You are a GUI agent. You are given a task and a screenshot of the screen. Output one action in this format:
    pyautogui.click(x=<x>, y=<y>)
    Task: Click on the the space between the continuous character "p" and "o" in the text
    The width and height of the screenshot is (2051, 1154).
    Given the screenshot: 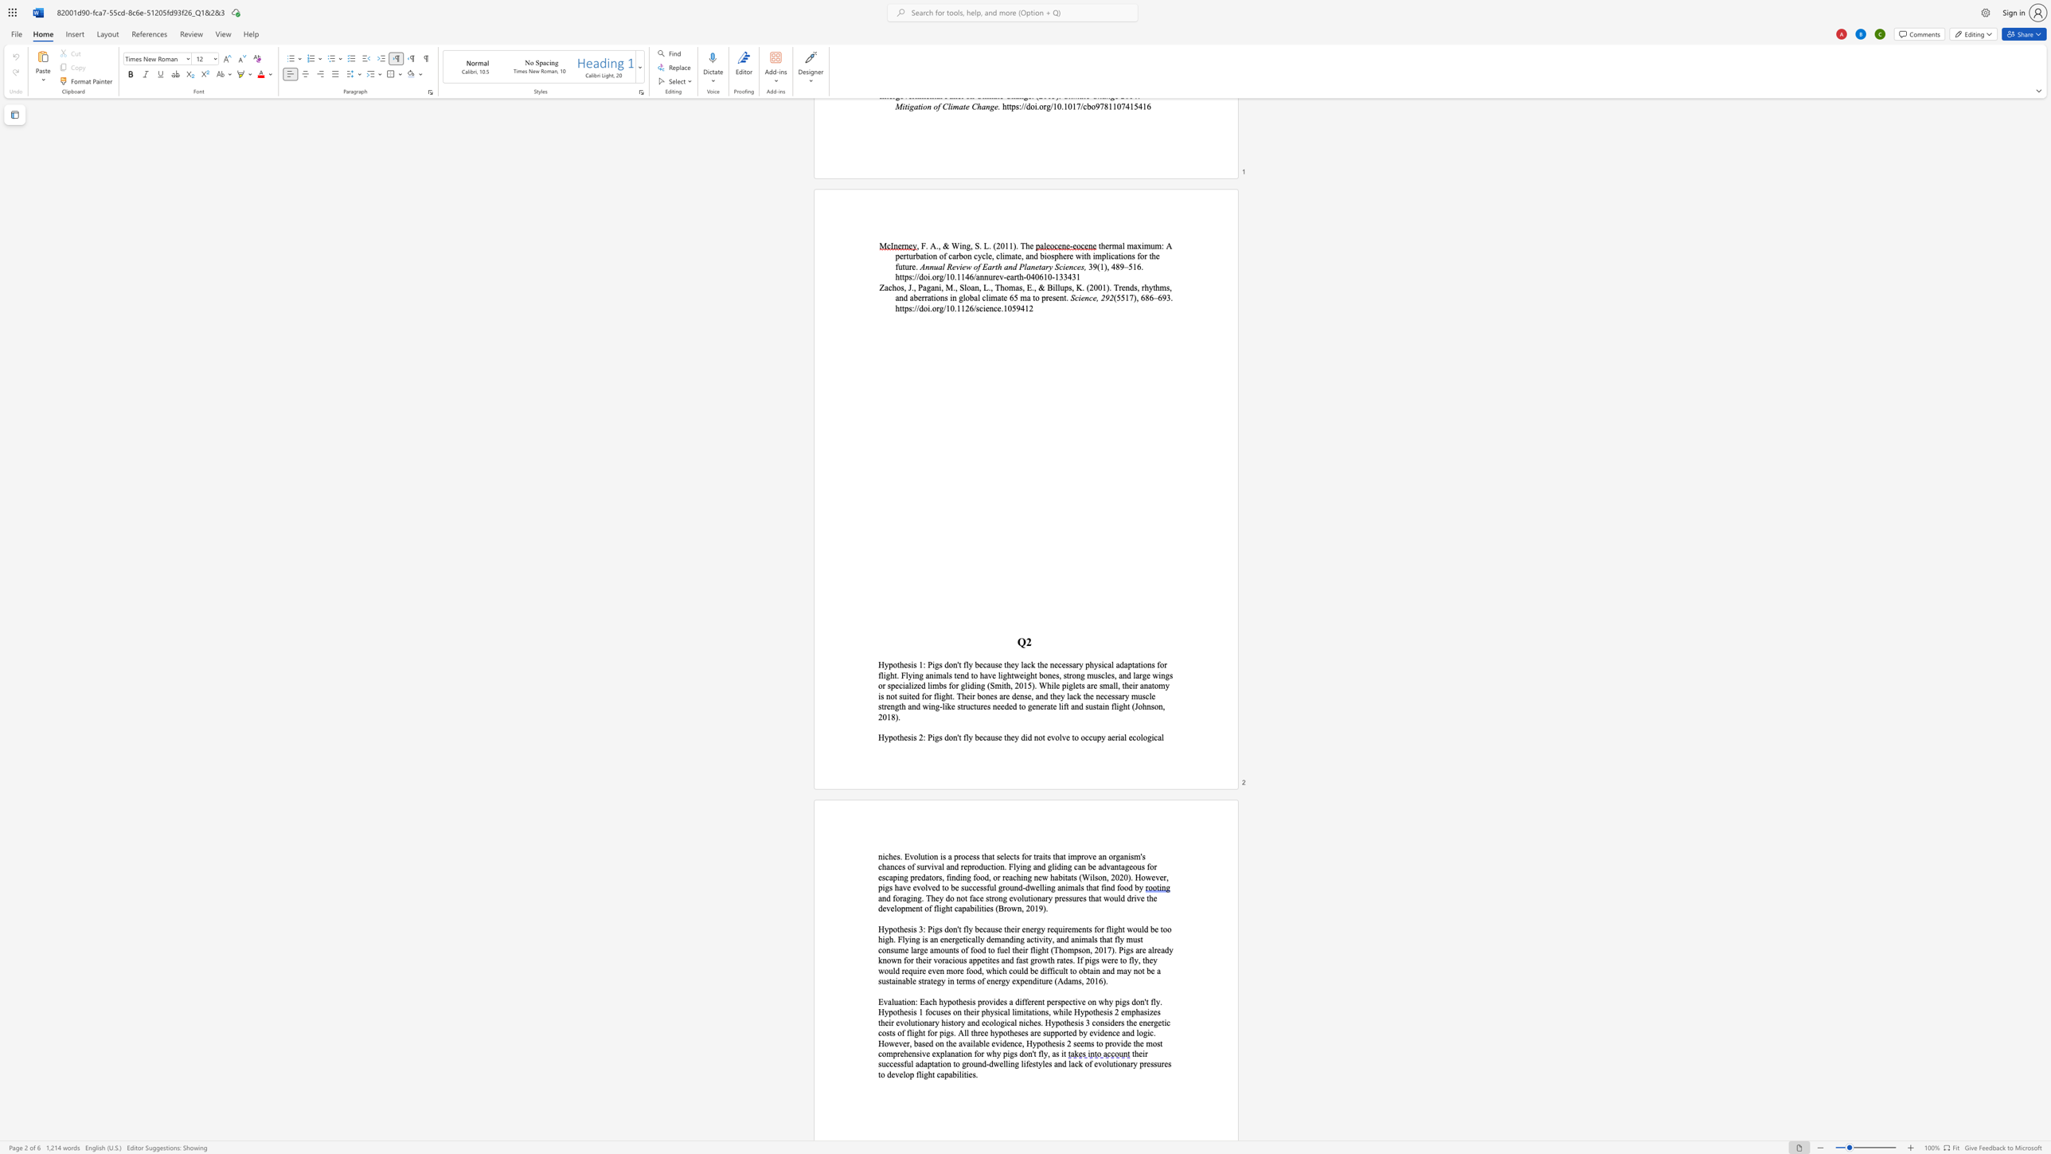 What is the action you would take?
    pyautogui.click(x=892, y=665)
    